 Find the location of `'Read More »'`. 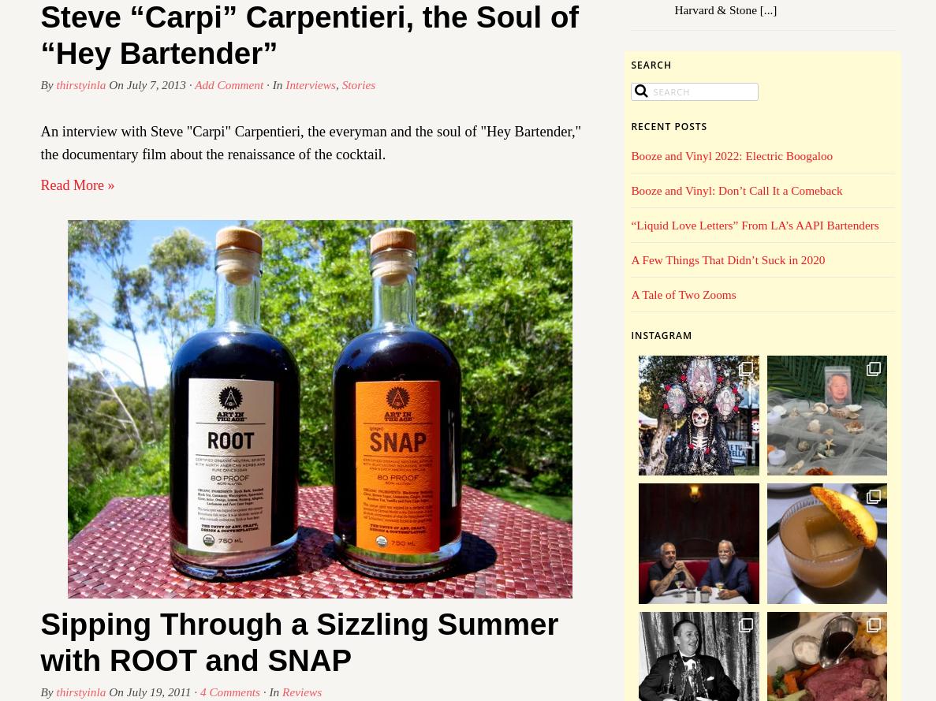

'Read More »' is located at coordinates (77, 183).